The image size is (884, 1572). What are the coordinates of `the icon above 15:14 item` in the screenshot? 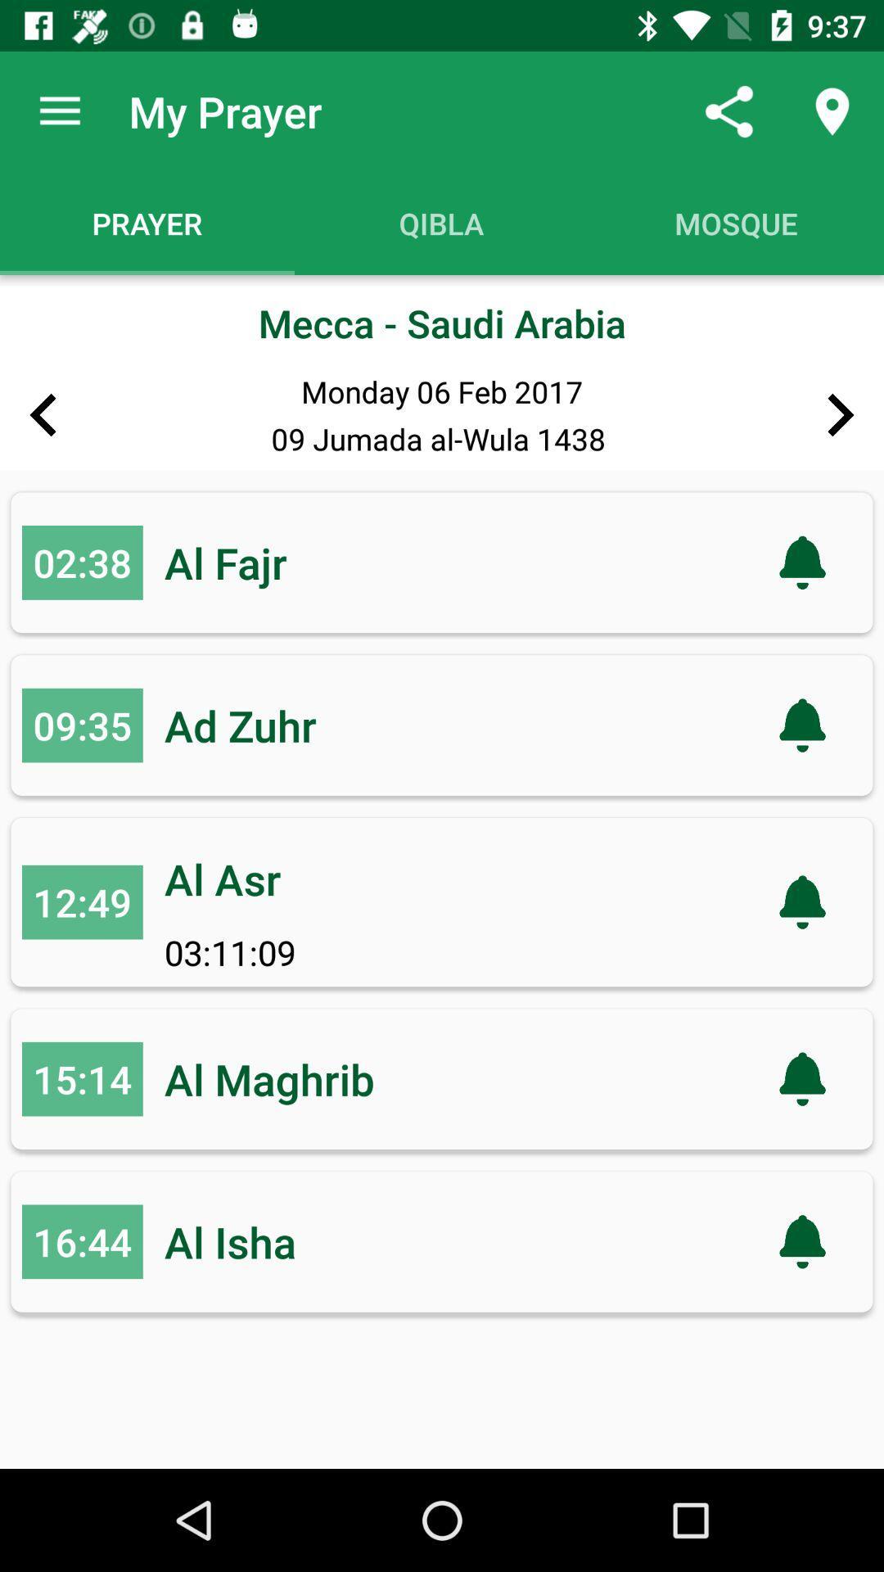 It's located at (82, 901).